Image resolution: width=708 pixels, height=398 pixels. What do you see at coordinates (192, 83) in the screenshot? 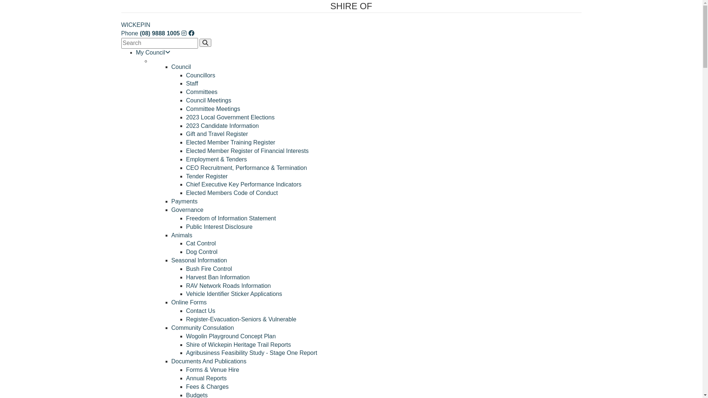
I see `'Staff'` at bounding box center [192, 83].